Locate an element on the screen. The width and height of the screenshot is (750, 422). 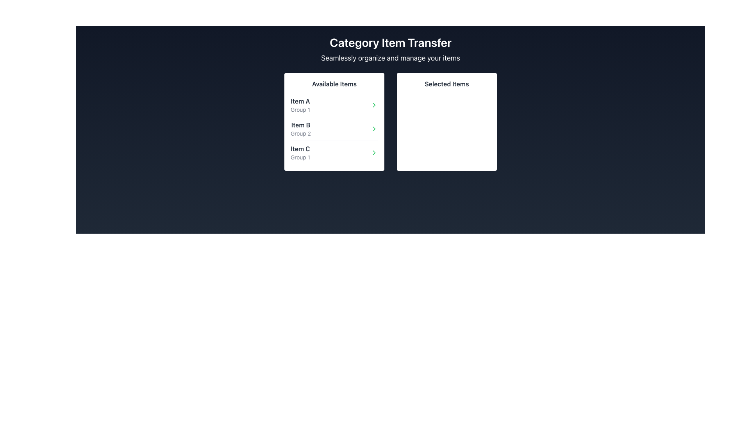
the third item is located at coordinates (334, 152).